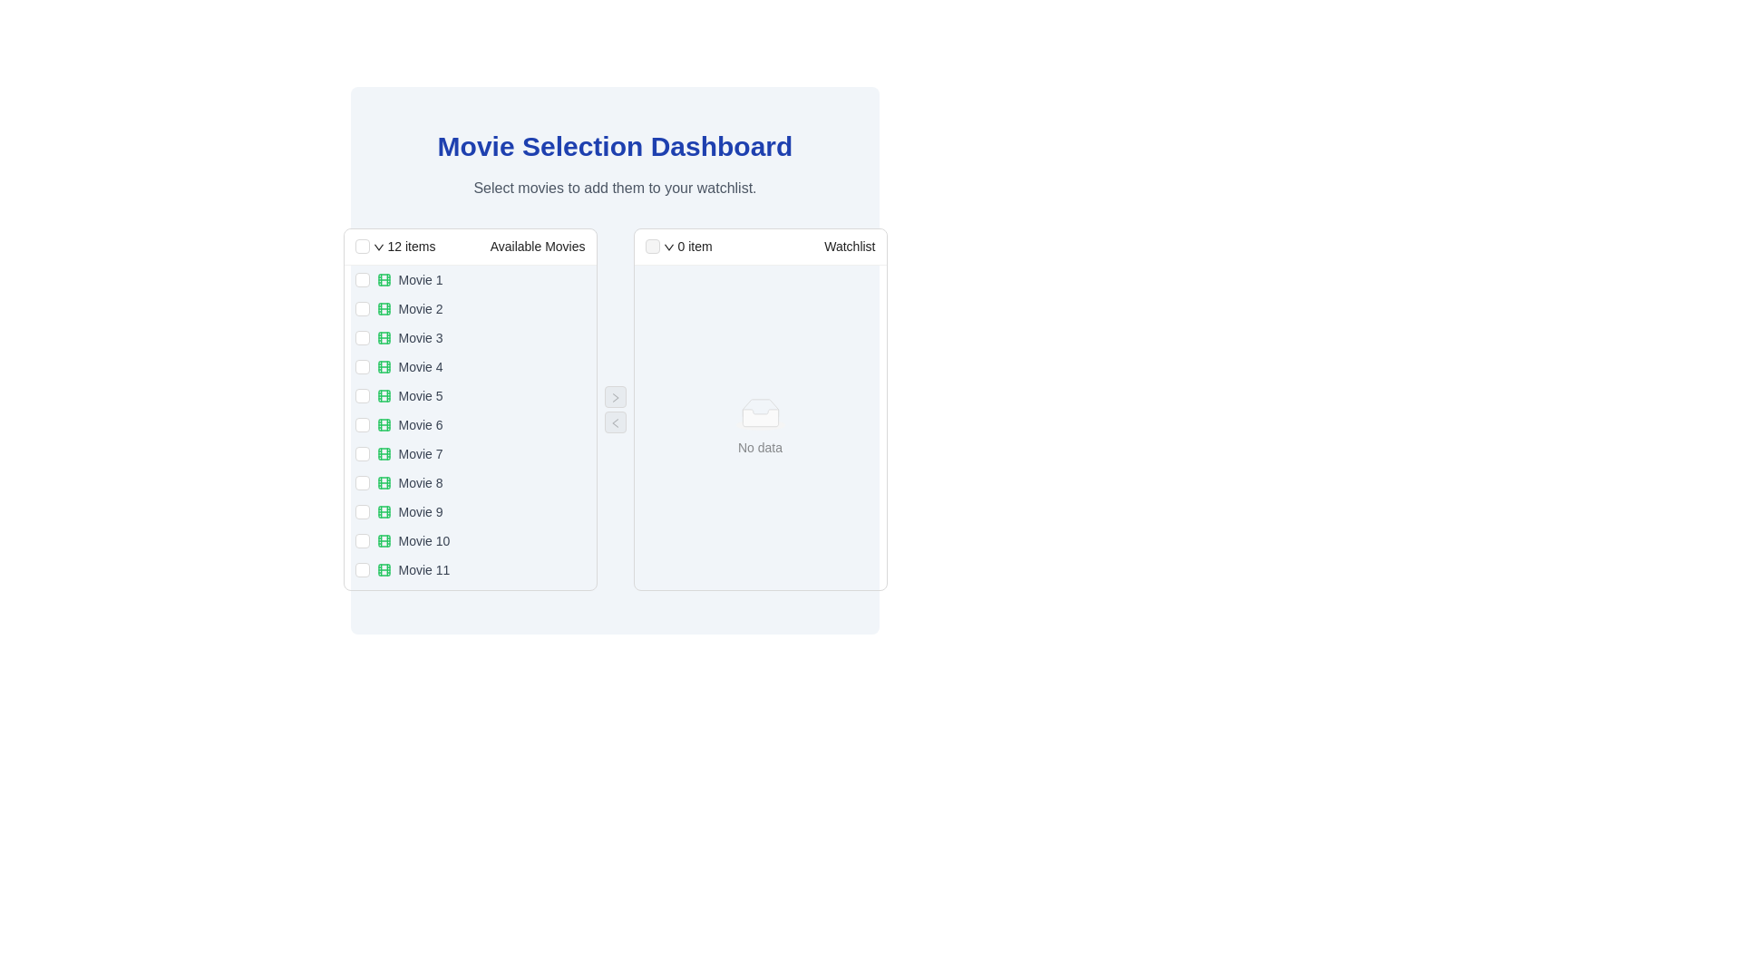 The height and width of the screenshot is (979, 1741). Describe the element at coordinates (383, 307) in the screenshot. I see `the movie icon representing 'Movie 2' in the 'Available Movies' list, located immediately to the left of the text` at that location.